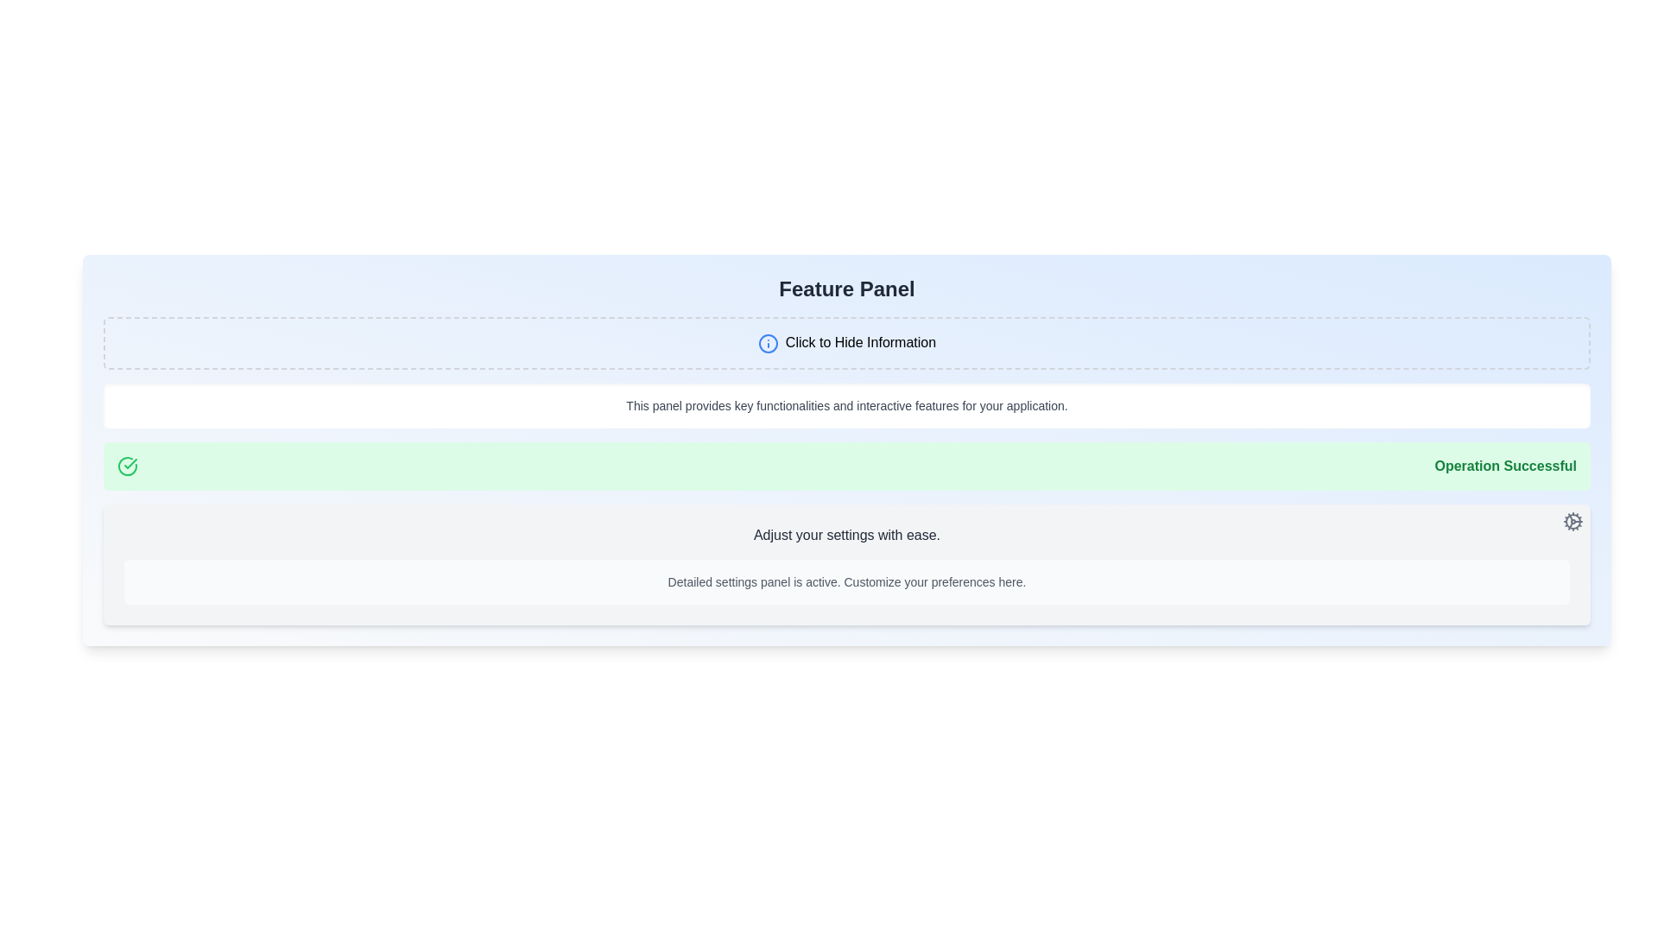 This screenshot has height=933, width=1658. Describe the element at coordinates (846, 534) in the screenshot. I see `the static text label that reads 'Adjust your settings with ease.' which is displayed in bold medium-sized dark gray font on a light gray background` at that location.